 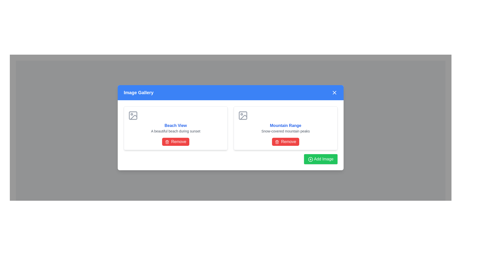 What do you see at coordinates (175, 125) in the screenshot?
I see `the text label reading 'Beach View' which is styled with a bold font and blue color, located in the upper half of the left card within the image gallery, positioned below the image placeholder and above the descriptive text` at bounding box center [175, 125].